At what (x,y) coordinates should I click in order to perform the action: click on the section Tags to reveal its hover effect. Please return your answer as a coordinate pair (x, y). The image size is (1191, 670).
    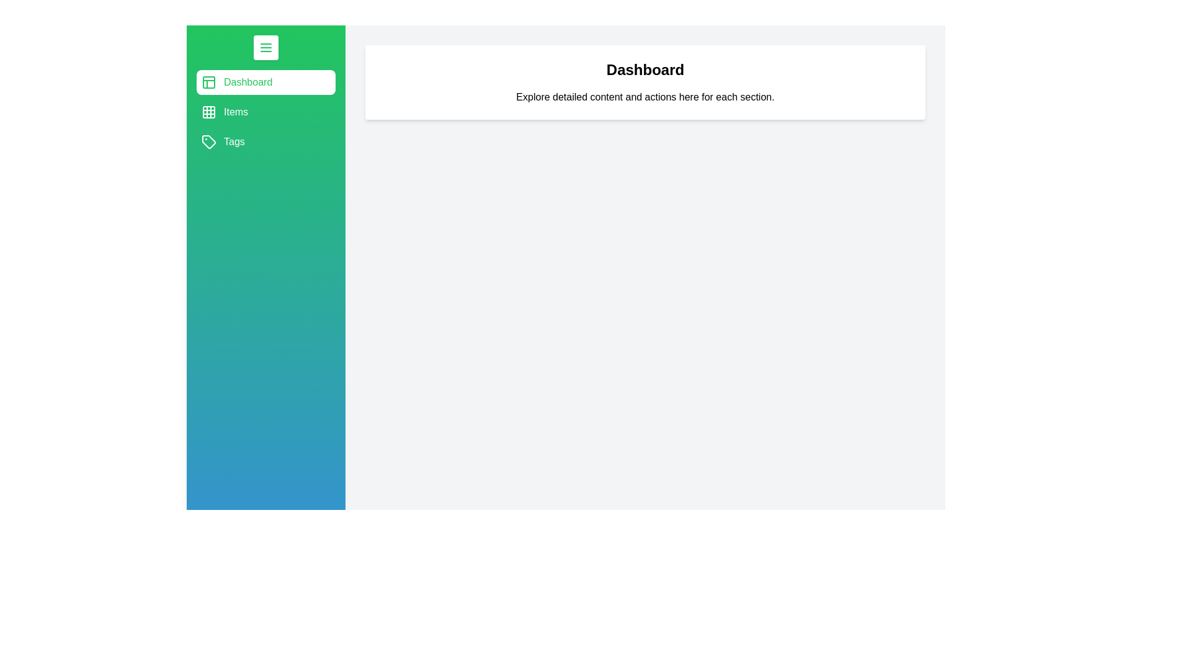
    Looking at the image, I should click on (265, 141).